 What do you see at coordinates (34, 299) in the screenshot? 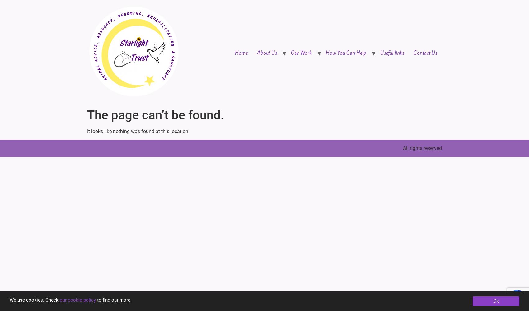
I see `'We use cookies. Check'` at bounding box center [34, 299].